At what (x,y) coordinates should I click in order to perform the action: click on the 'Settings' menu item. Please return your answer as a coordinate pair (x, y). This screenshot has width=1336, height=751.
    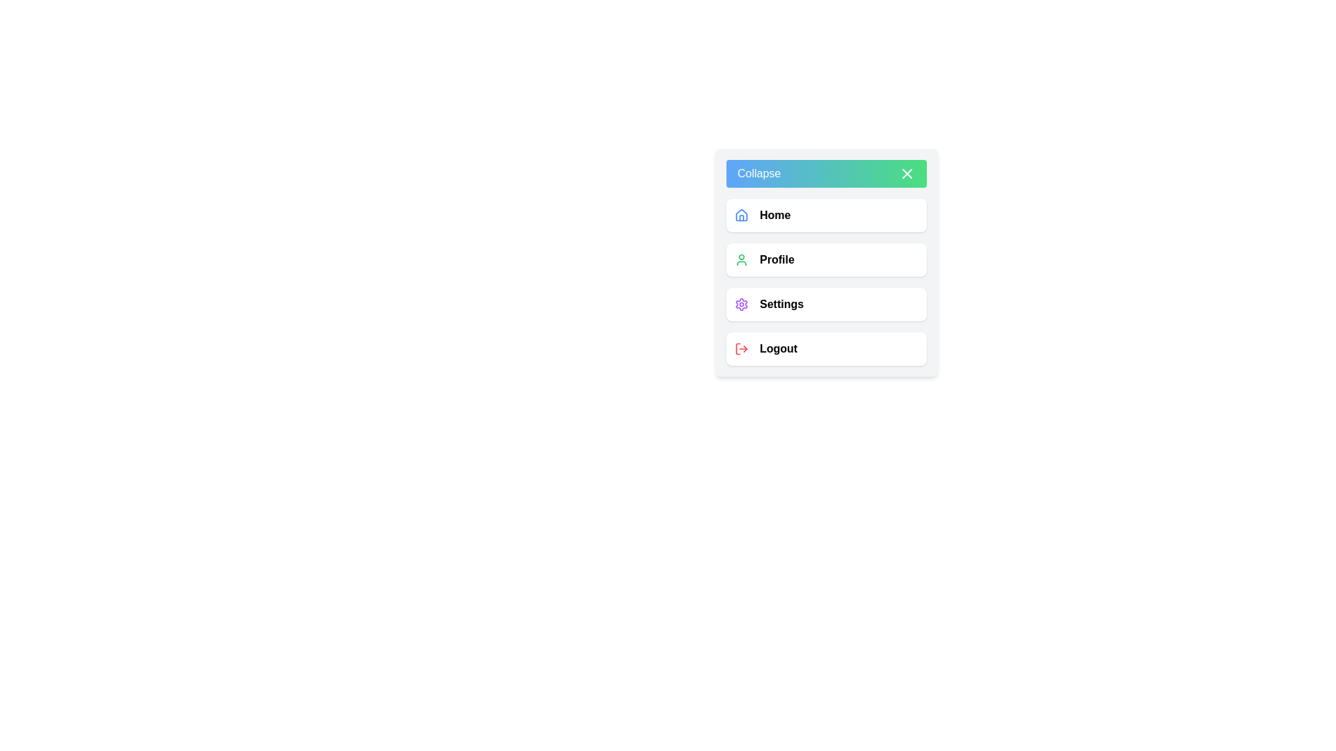
    Looking at the image, I should click on (827, 304).